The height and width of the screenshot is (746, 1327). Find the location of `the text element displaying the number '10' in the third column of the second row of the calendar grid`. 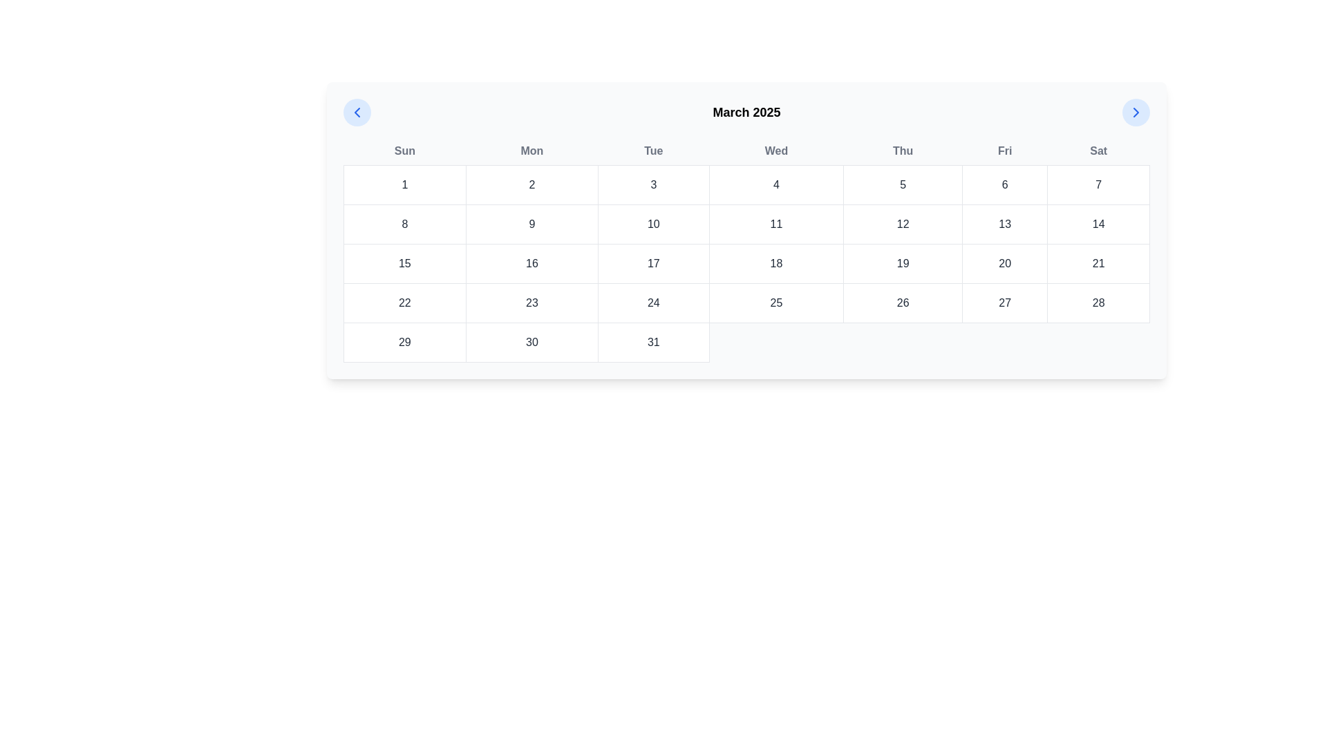

the text element displaying the number '10' in the third column of the second row of the calendar grid is located at coordinates (652, 223).